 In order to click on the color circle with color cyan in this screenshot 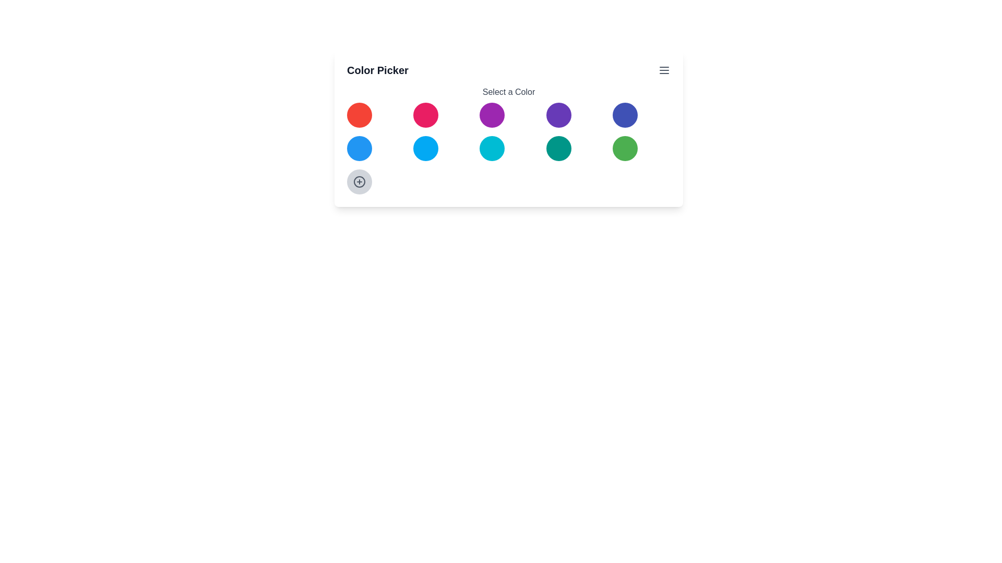, I will do `click(491, 149)`.